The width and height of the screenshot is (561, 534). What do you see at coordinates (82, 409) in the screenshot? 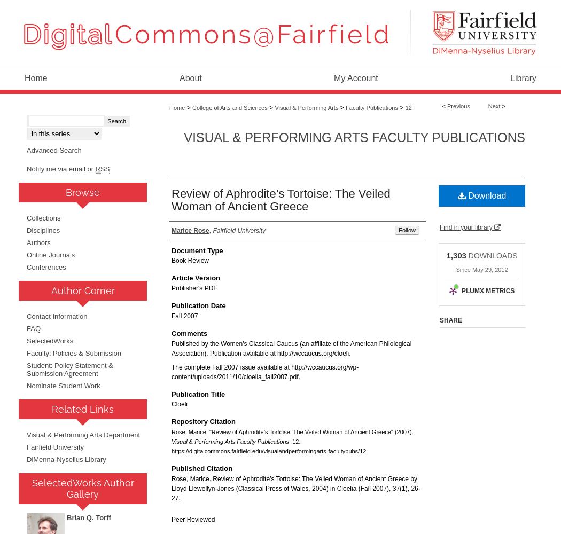
I see `'Related Links'` at bounding box center [82, 409].